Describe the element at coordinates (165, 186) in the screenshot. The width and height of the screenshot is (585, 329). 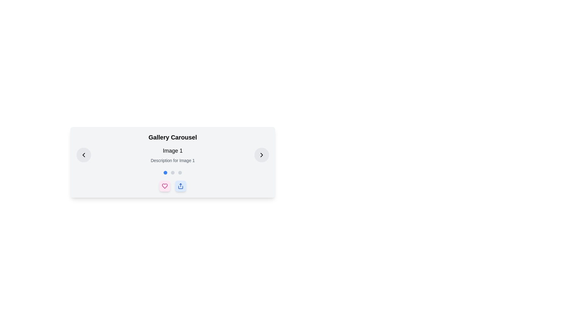
I see `the 'like' button located on the lower section of the panel, which is aligned to the left of a blue button with a share icon` at that location.